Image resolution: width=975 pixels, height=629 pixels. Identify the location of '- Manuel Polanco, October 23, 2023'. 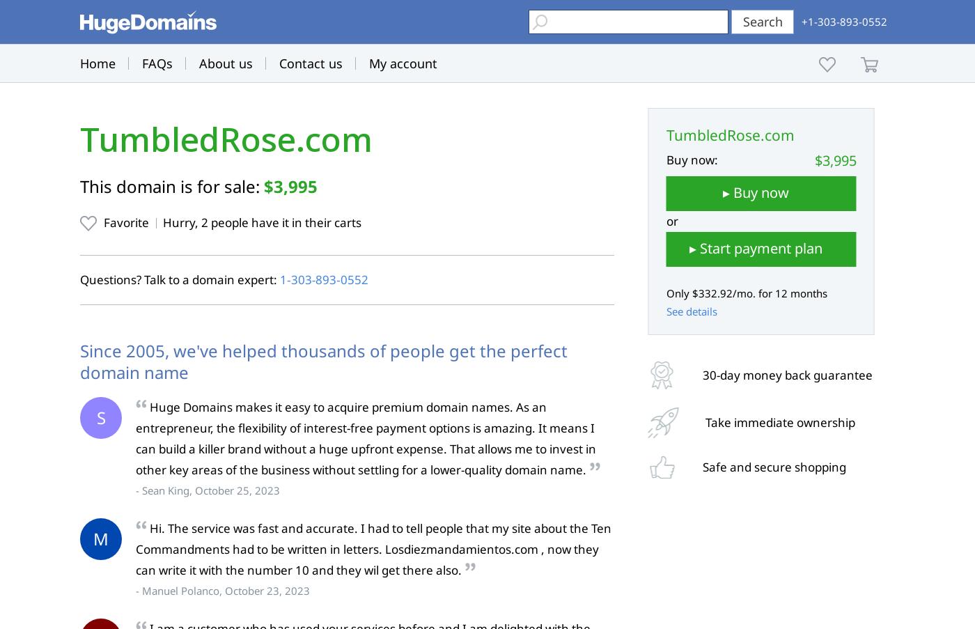
(223, 591).